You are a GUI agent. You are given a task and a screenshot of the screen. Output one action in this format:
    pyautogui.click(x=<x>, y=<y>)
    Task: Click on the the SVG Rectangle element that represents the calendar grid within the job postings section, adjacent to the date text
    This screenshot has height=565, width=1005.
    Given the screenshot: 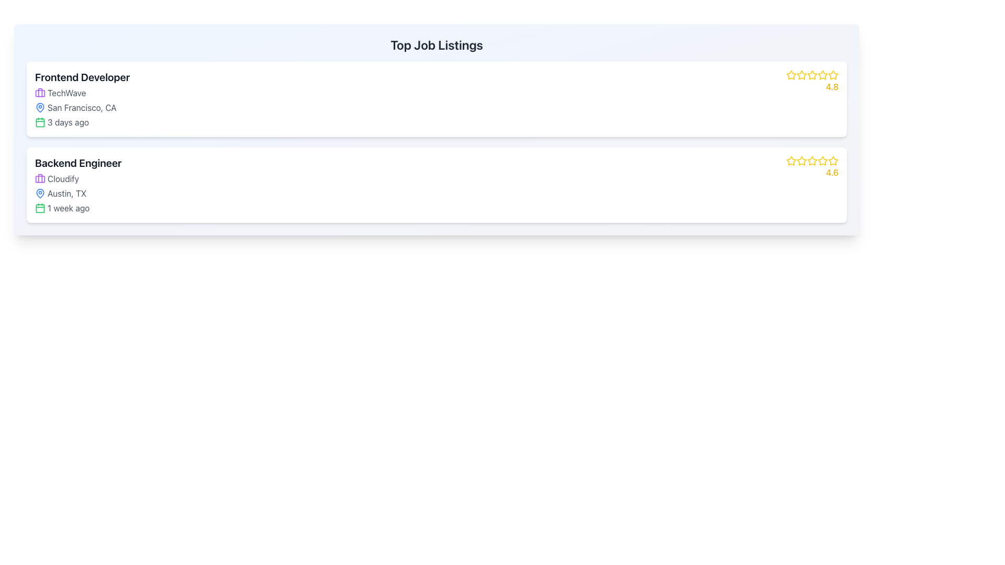 What is the action you would take?
    pyautogui.click(x=40, y=208)
    